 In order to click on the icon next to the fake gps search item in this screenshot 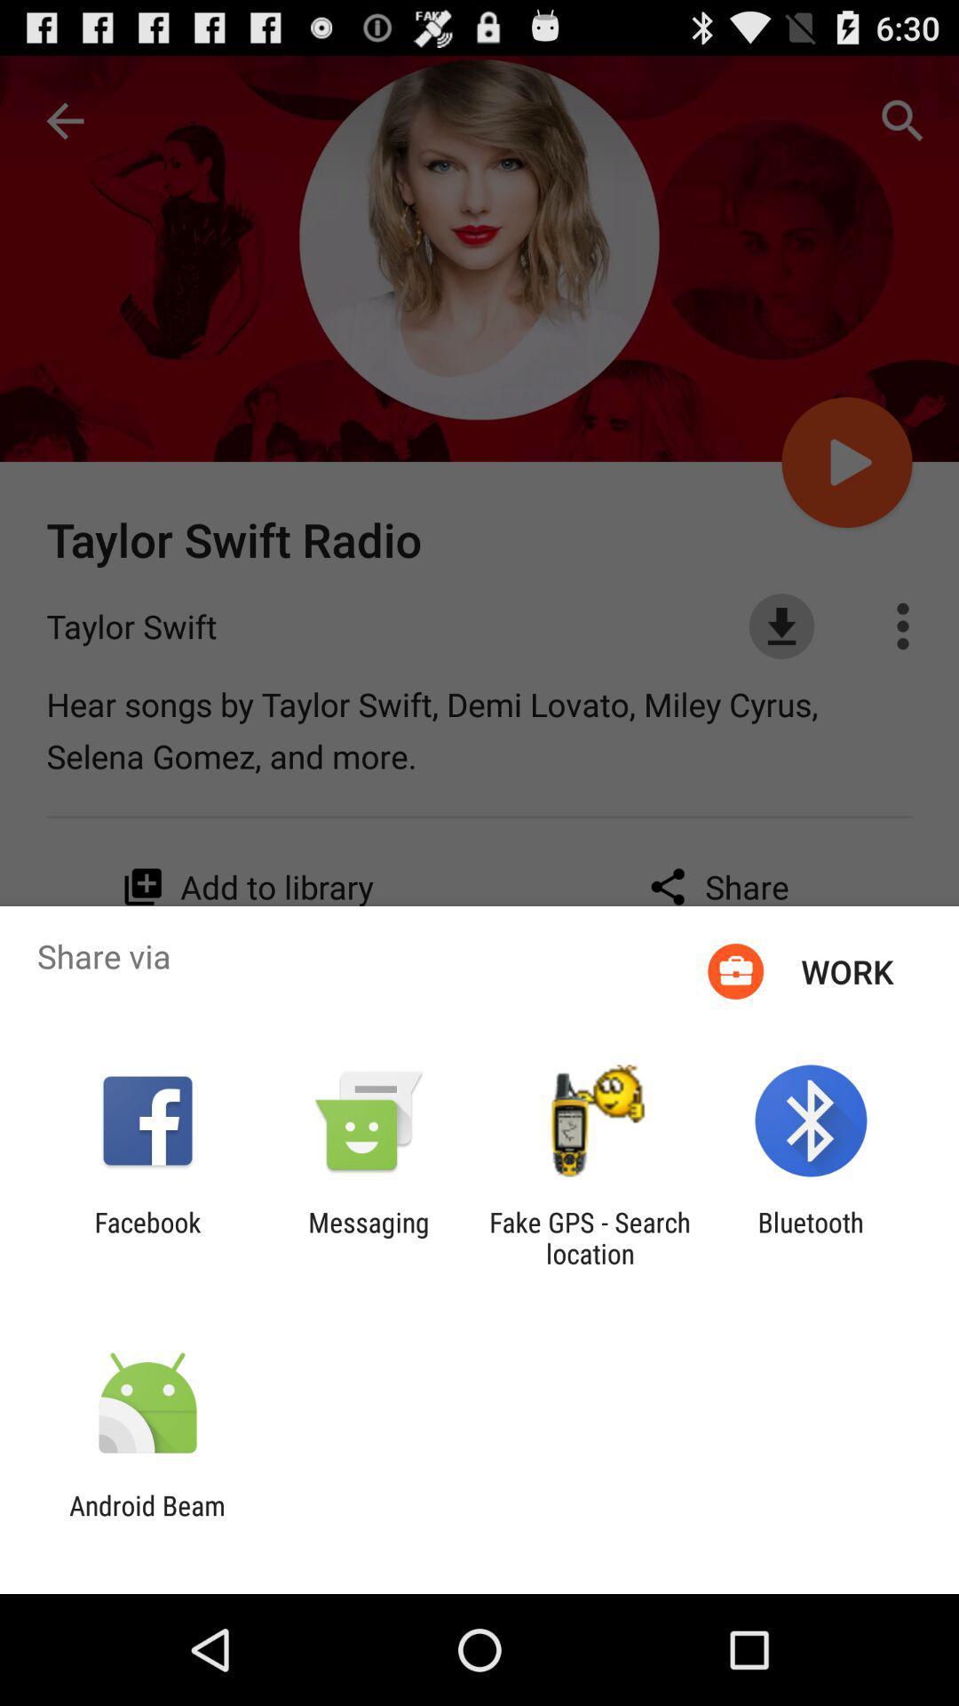, I will do `click(368, 1237)`.